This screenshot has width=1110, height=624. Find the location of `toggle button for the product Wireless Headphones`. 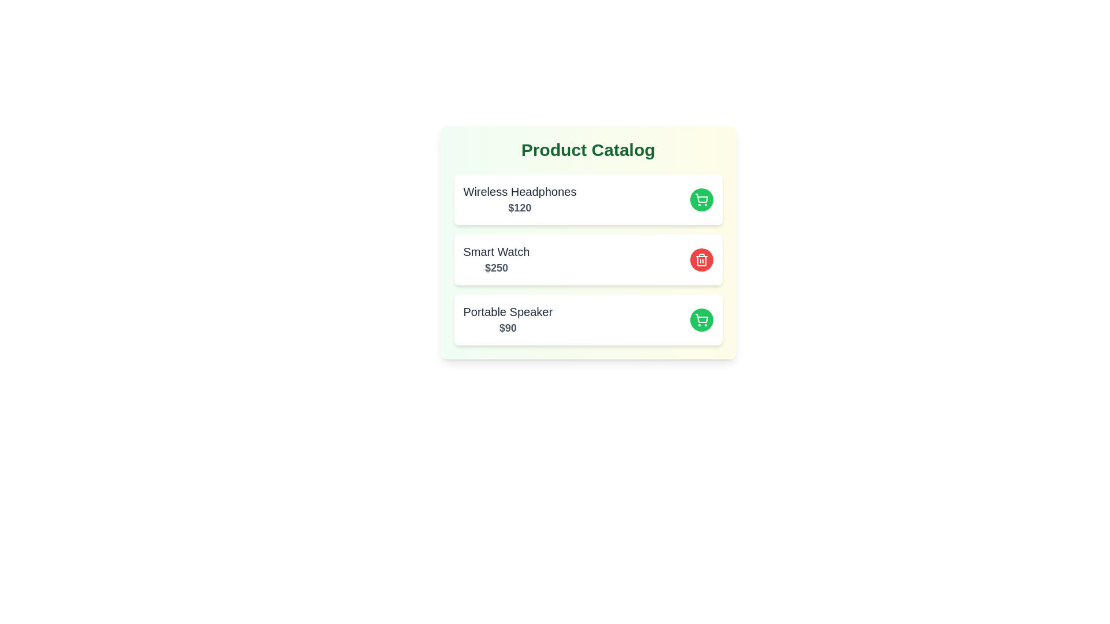

toggle button for the product Wireless Headphones is located at coordinates (701, 199).